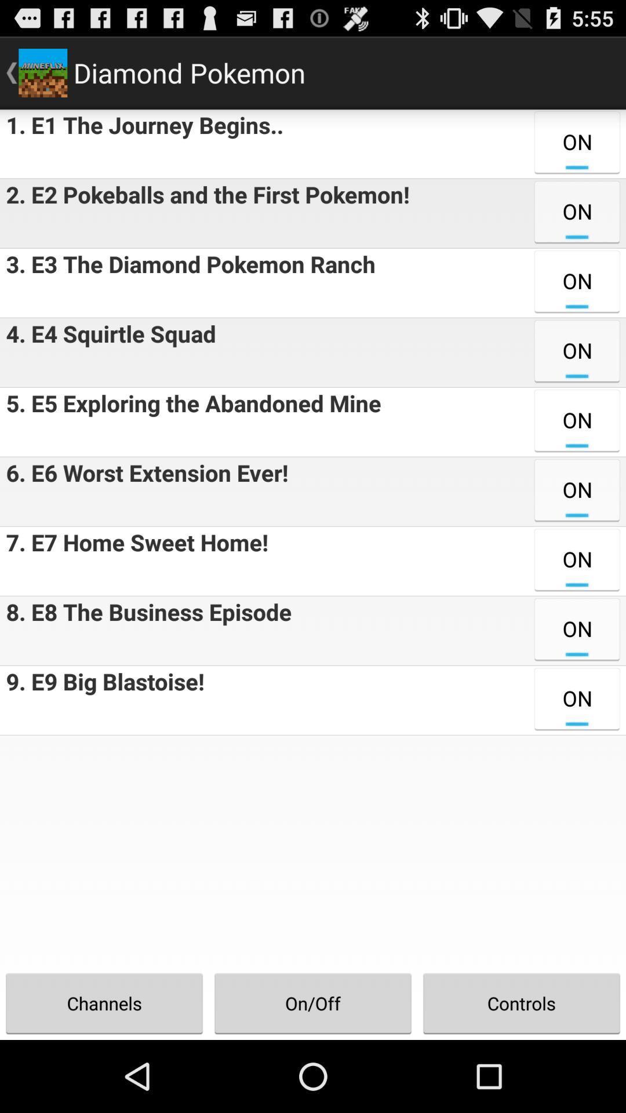  Describe the element at coordinates (133, 561) in the screenshot. I see `7 e7 home item` at that location.